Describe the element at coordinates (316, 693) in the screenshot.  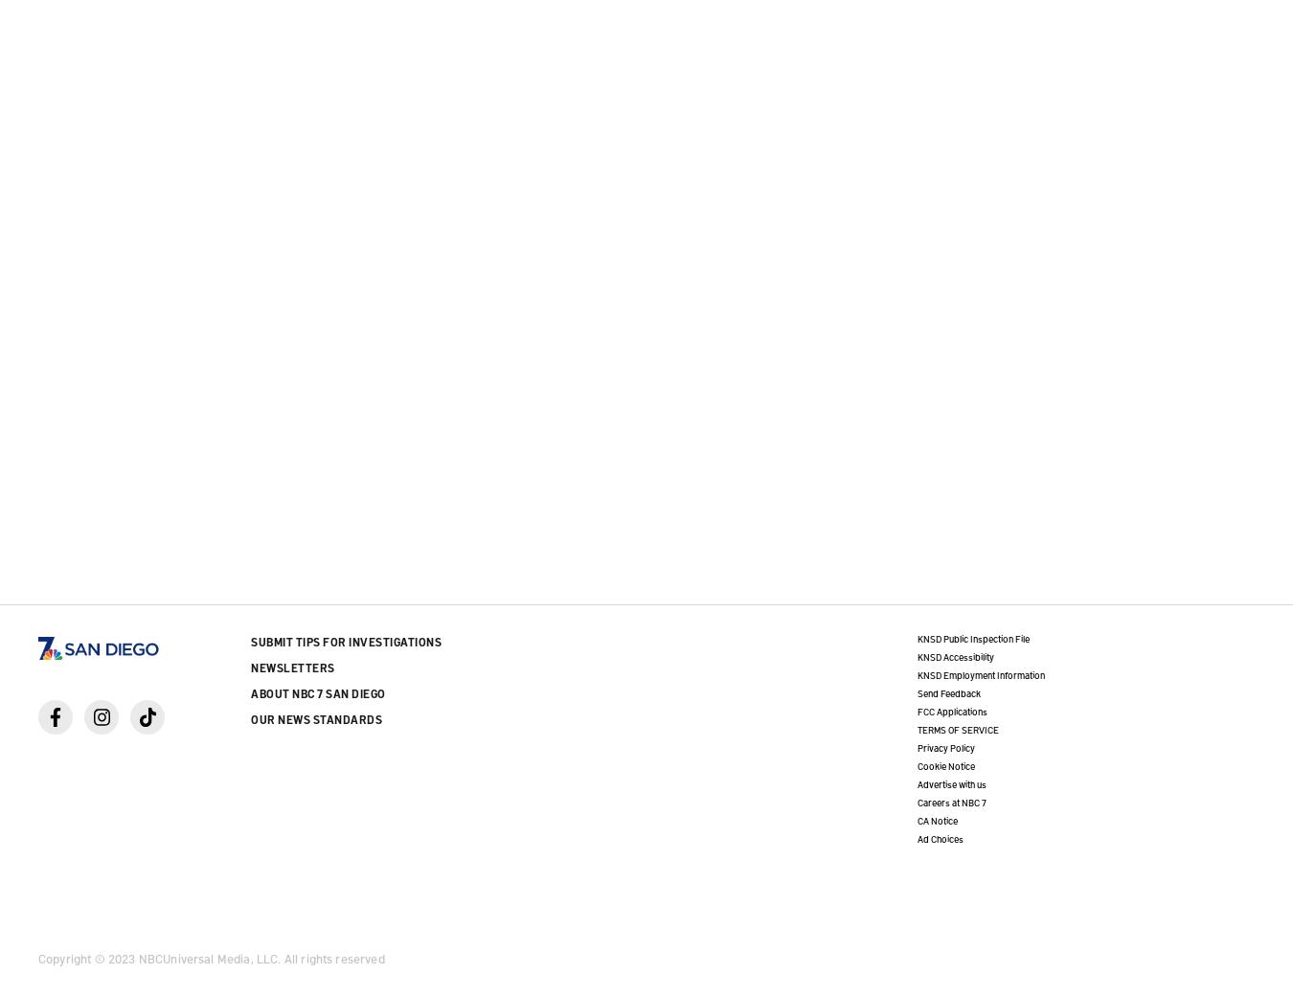
I see `'About NBC 7 San Diego'` at that location.